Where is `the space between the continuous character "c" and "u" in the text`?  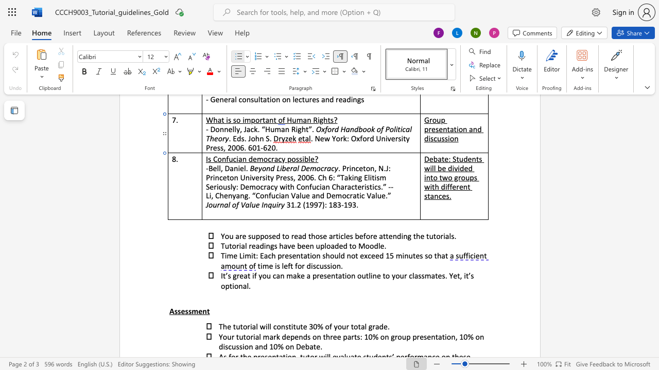 the space between the continuous character "c" and "u" in the text is located at coordinates (231, 346).